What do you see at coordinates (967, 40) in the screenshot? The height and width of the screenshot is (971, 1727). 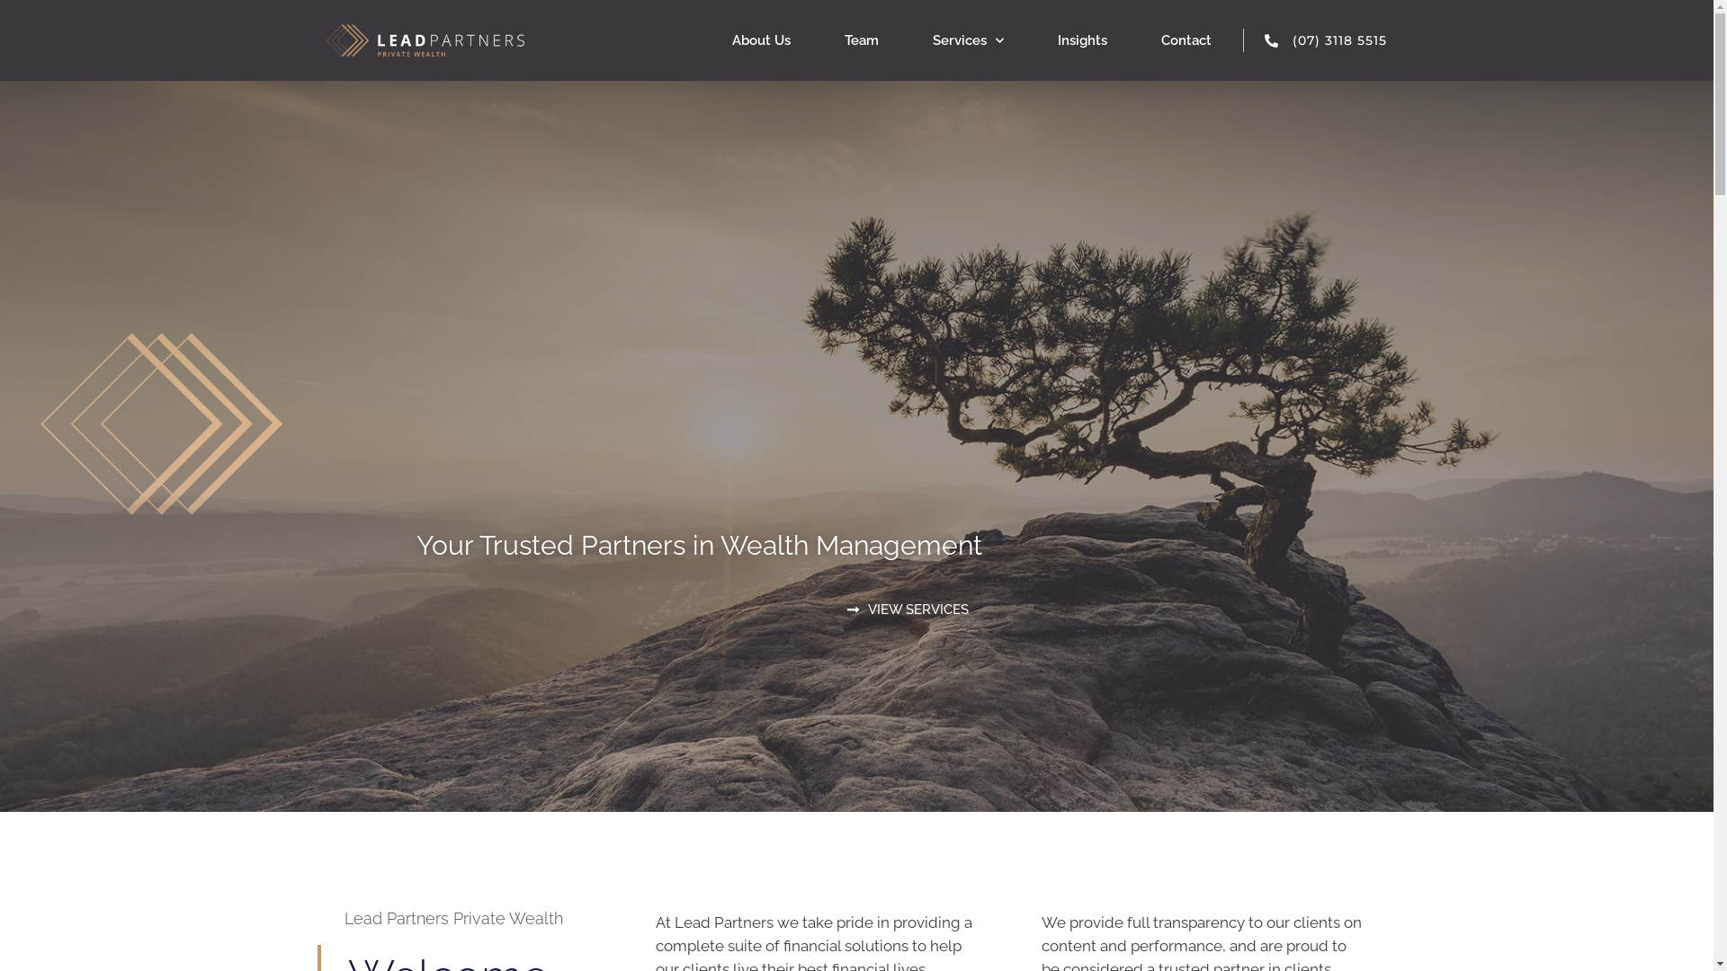 I see `'Services'` at bounding box center [967, 40].